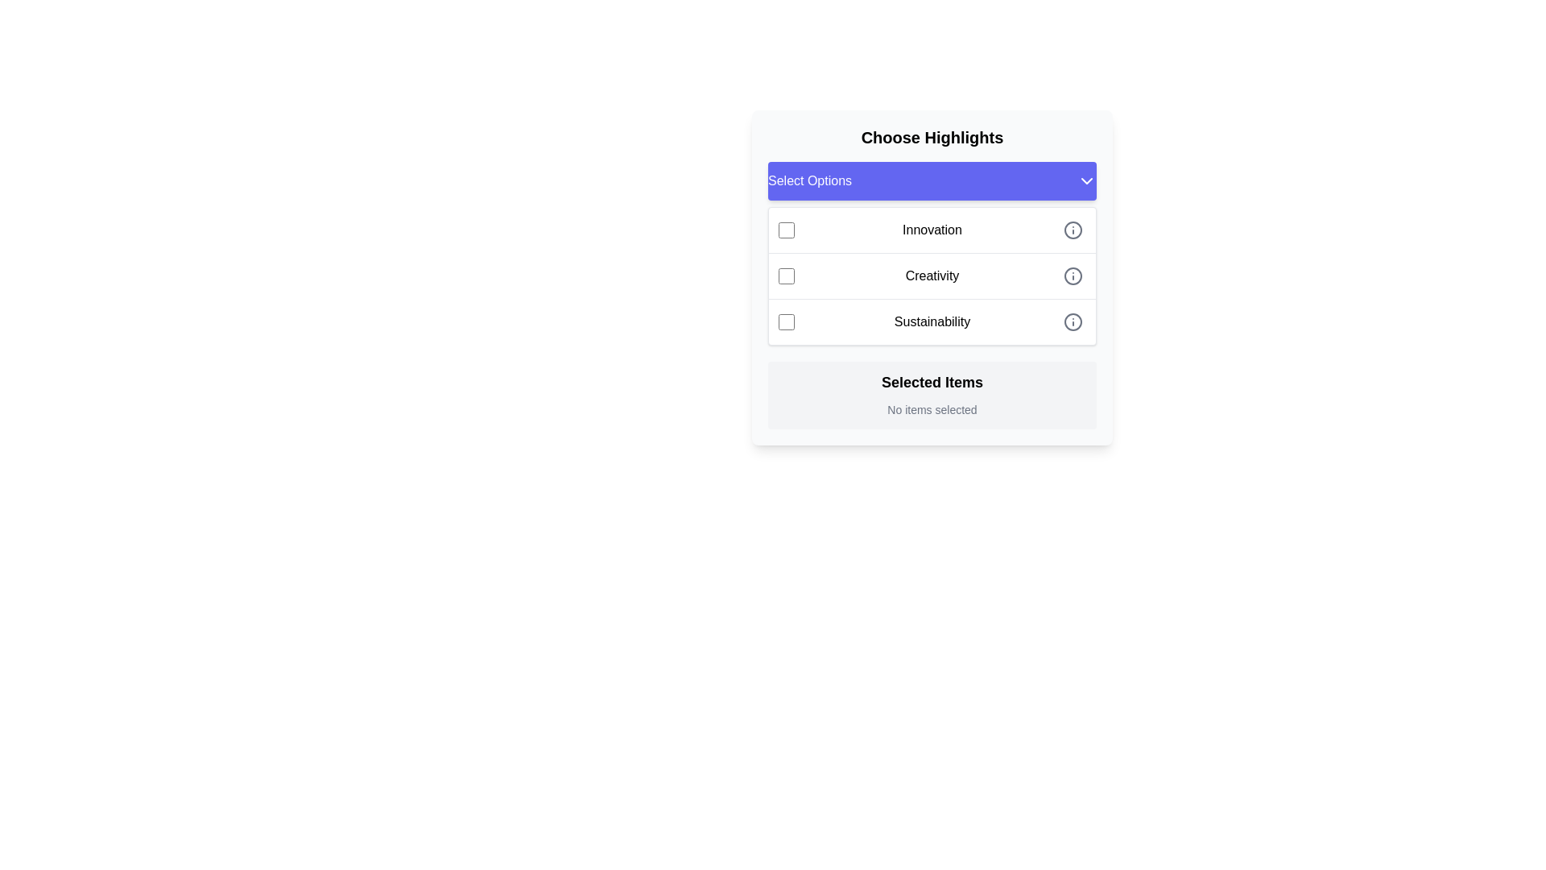 The height and width of the screenshot is (870, 1546). I want to click on the 'Creativity' text label, so click(932, 275).